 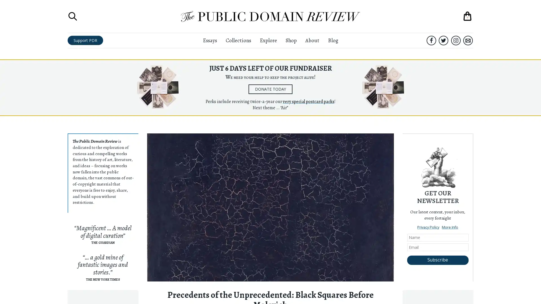 What do you see at coordinates (467, 16) in the screenshot?
I see `0` at bounding box center [467, 16].